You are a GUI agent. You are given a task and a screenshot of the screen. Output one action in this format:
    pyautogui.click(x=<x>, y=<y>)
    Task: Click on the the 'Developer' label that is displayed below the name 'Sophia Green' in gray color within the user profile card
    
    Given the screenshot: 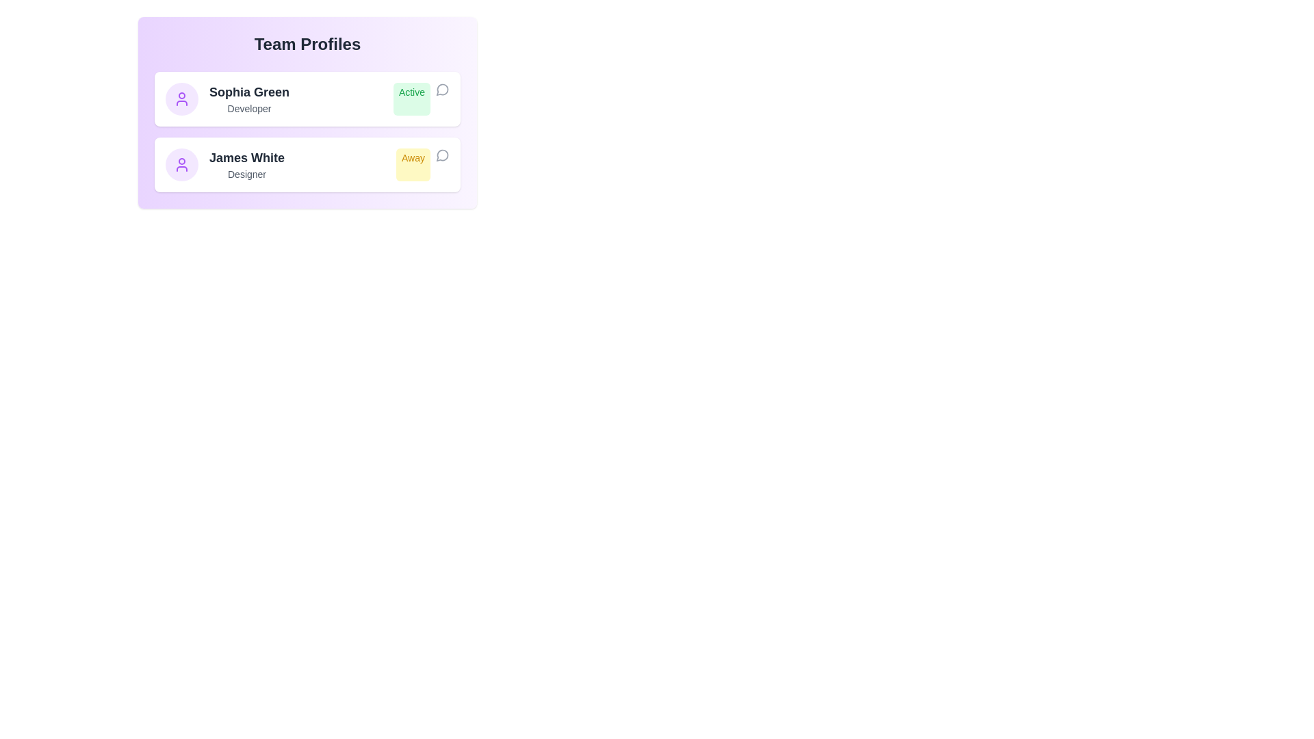 What is the action you would take?
    pyautogui.click(x=249, y=107)
    